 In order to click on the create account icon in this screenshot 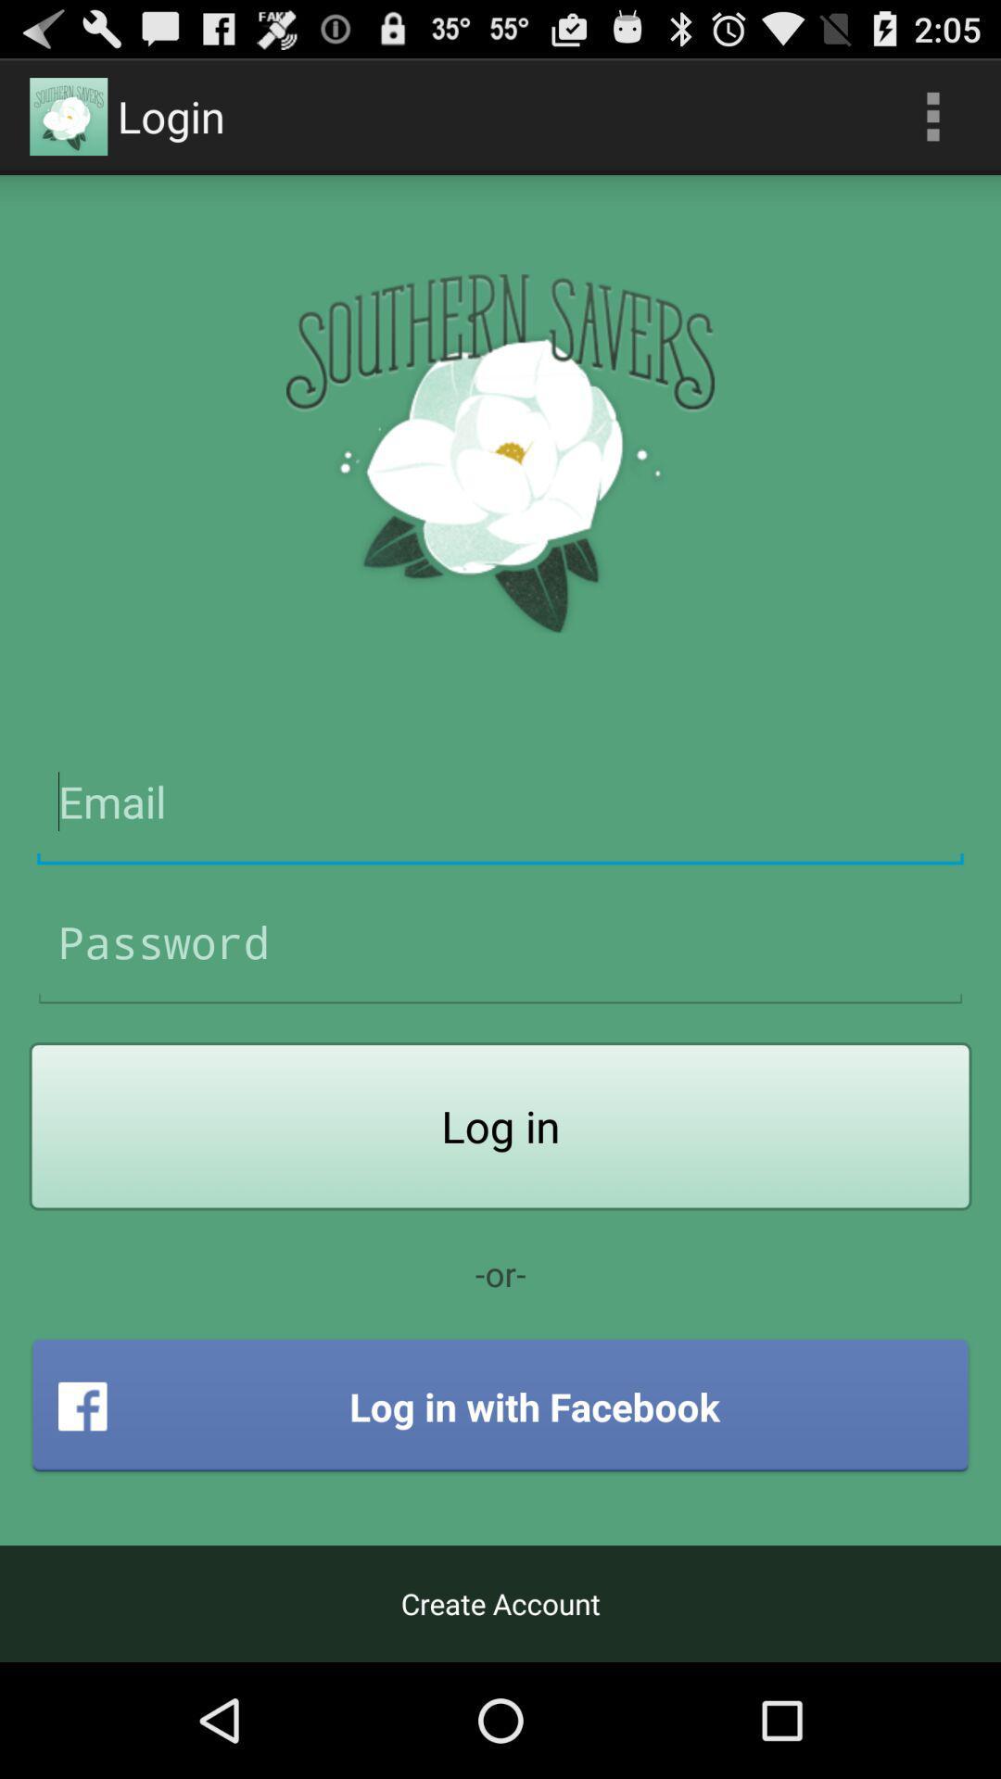, I will do `click(500, 1603)`.